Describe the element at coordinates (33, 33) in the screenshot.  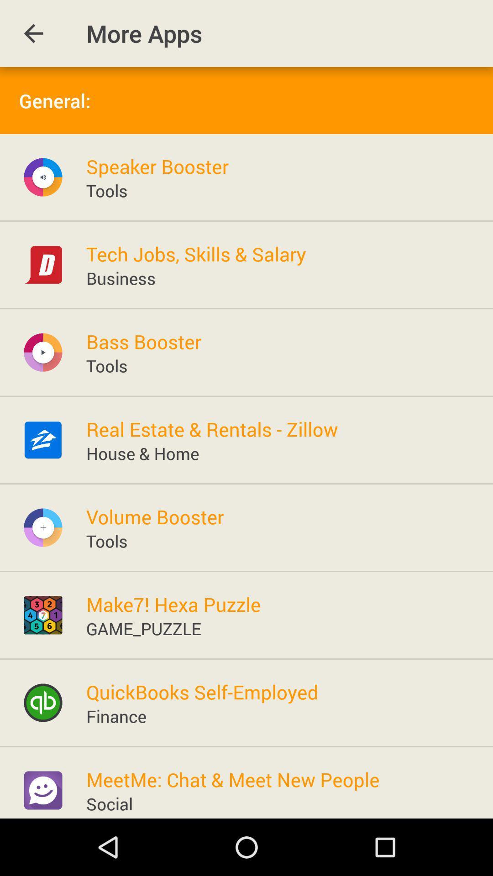
I see `icon above general:` at that location.